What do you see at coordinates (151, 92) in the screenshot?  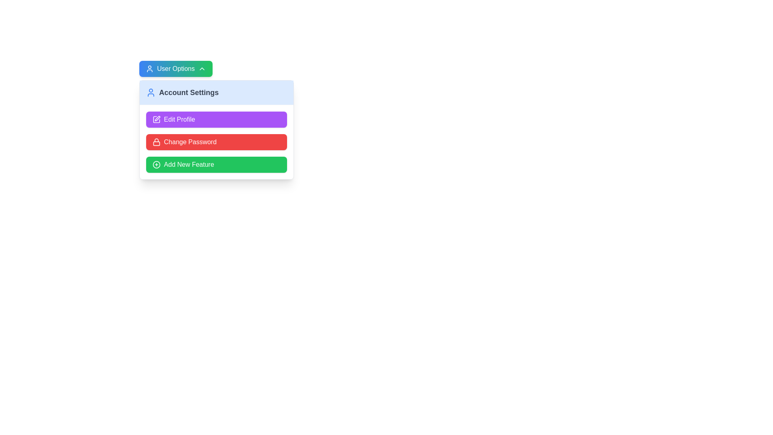 I see `the user-related settings icon located at the left side of the 'Account Settings' section header, preceding the text 'Account Settings.'` at bounding box center [151, 92].